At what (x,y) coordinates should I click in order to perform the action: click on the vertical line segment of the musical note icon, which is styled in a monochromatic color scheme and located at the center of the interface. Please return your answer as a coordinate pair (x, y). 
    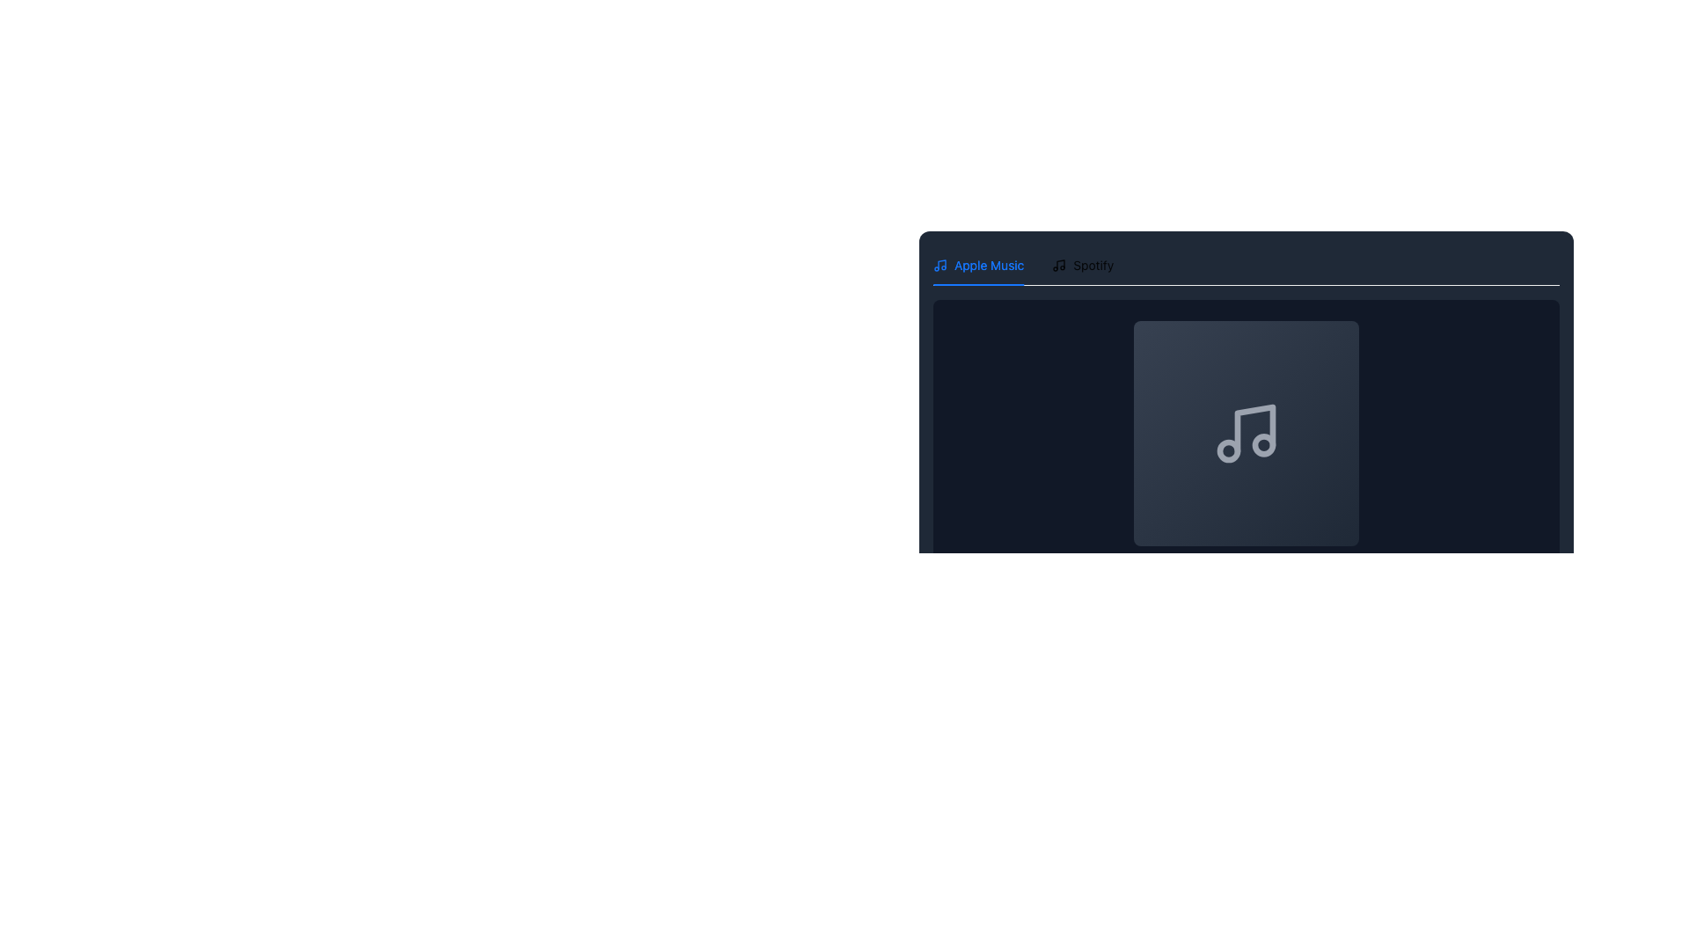
    Looking at the image, I should click on (1254, 429).